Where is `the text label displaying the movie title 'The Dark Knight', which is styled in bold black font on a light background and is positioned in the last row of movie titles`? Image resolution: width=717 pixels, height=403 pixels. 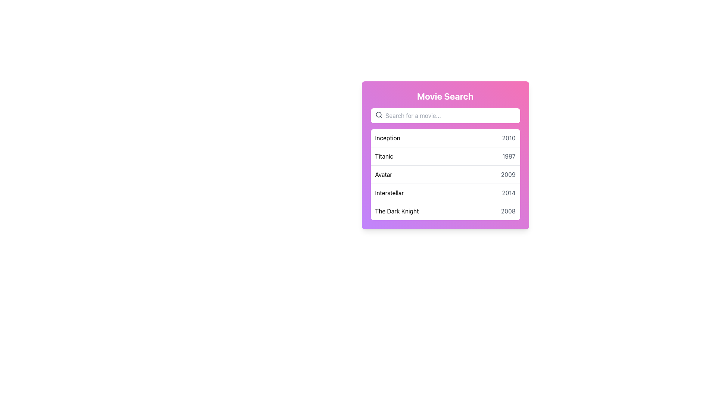 the text label displaying the movie title 'The Dark Knight', which is styled in bold black font on a light background and is positioned in the last row of movie titles is located at coordinates (397, 211).